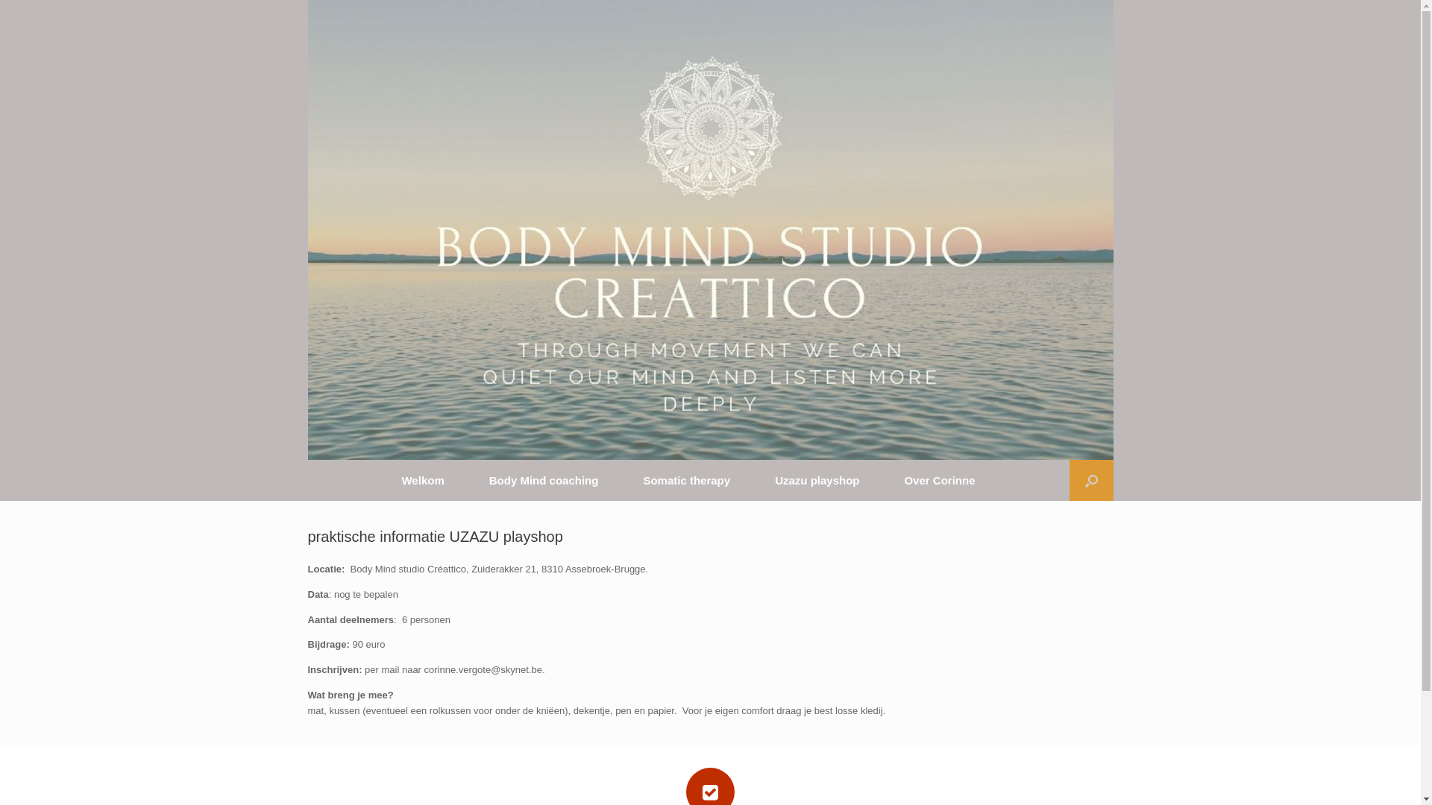 The image size is (1432, 805). What do you see at coordinates (421, 480) in the screenshot?
I see `'Welkom'` at bounding box center [421, 480].